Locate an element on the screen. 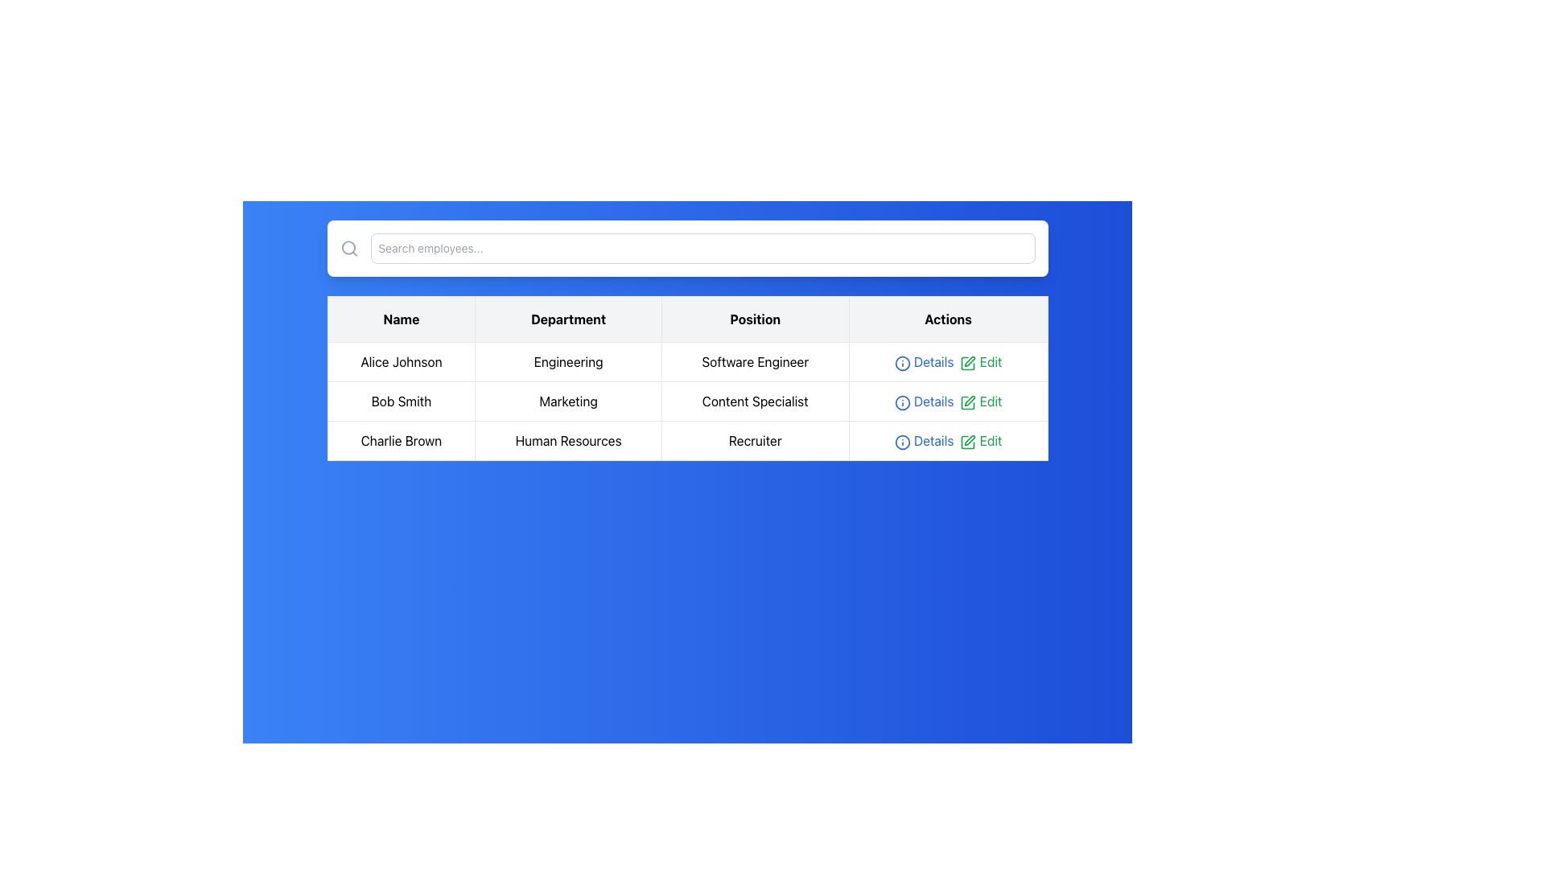 The height and width of the screenshot is (869, 1545). the static text displaying the name 'Bob Smith', located in the second row under the 'Name' column is located at coordinates (402, 400).